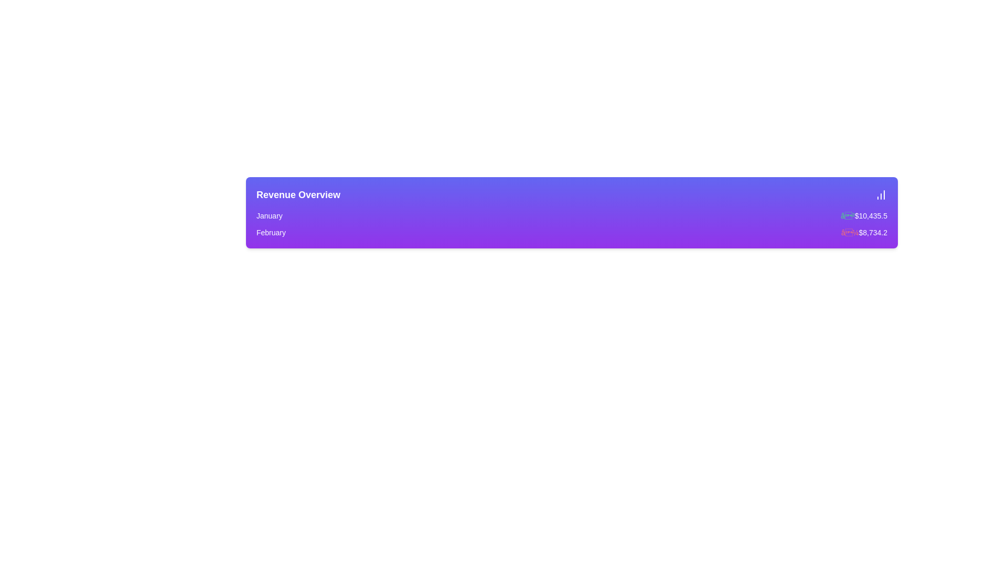 This screenshot has height=566, width=1007. Describe the element at coordinates (864, 215) in the screenshot. I see `monetary value '$10,435.5' displayed next to the green upward triangle icon, which is positioned prominently on a purple gradient background, aligned with the 'January' label` at that location.